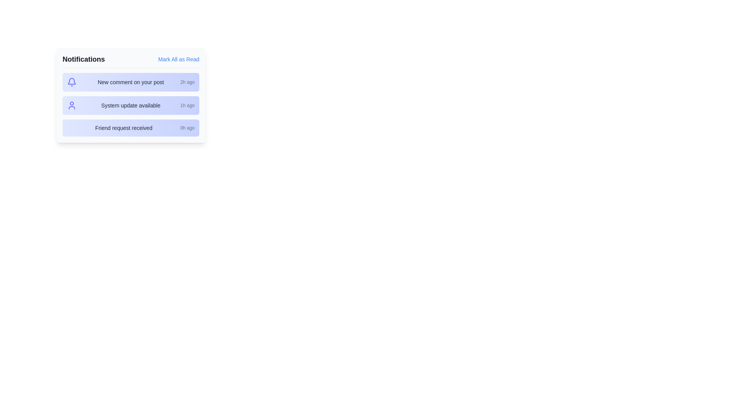 This screenshot has width=746, height=419. I want to click on the notification icon indicating a new comment on the user's post by moving the mouse cursor to its center, so click(72, 82).